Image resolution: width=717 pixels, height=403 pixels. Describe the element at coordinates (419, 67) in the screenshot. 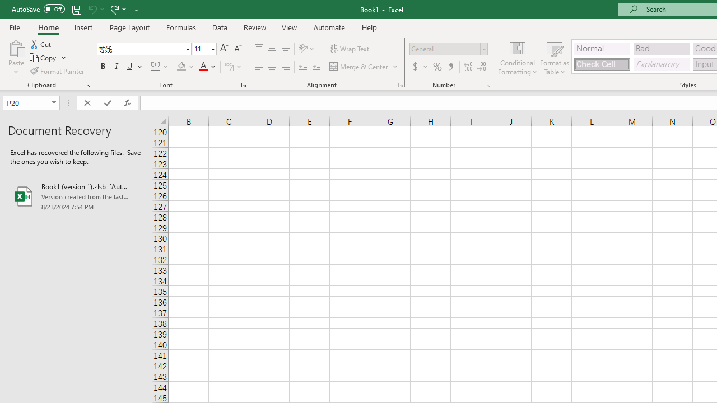

I see `'Accounting Number Format'` at that location.